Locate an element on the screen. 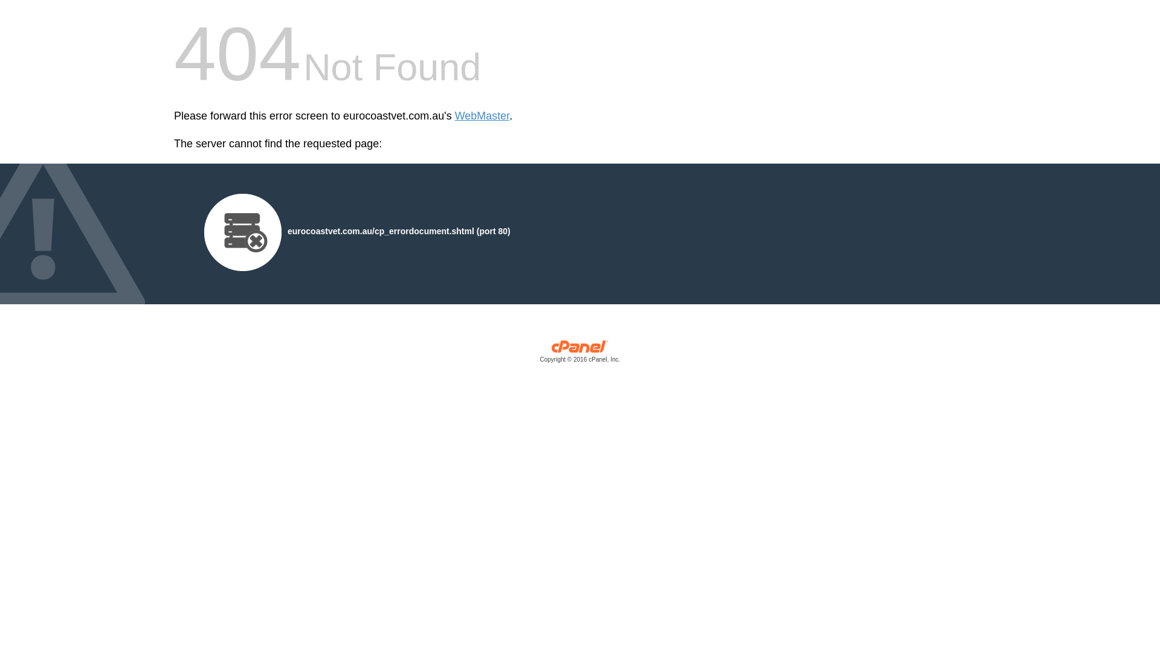  'WebMaster' is located at coordinates (454, 116).